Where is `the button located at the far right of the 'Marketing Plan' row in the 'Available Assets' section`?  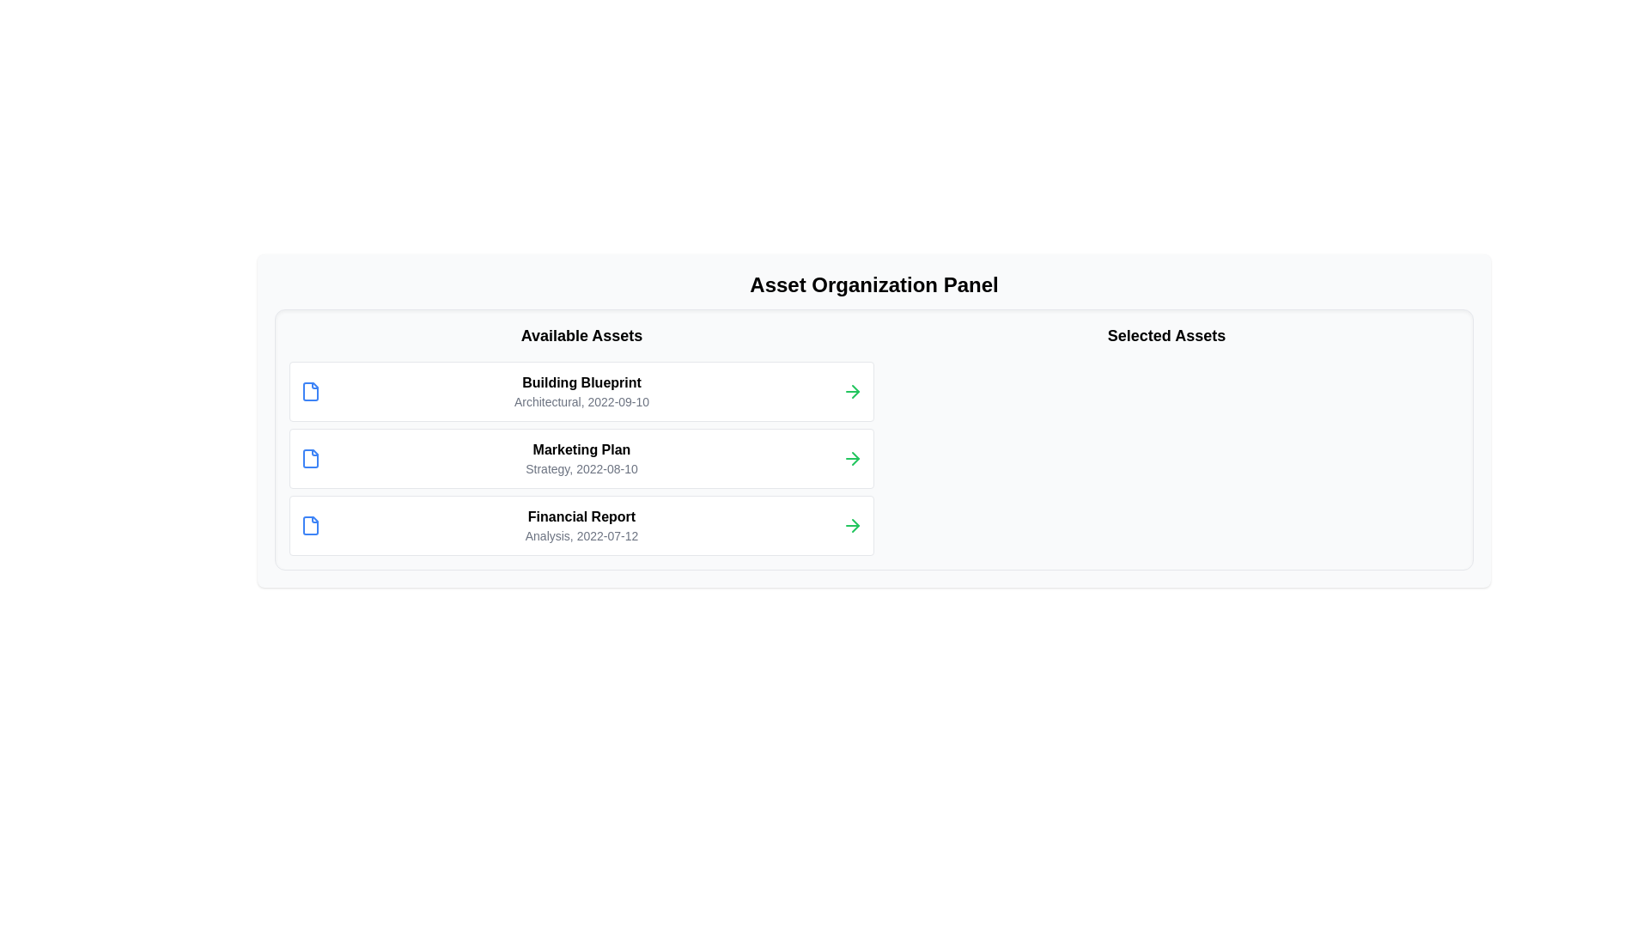 the button located at the far right of the 'Marketing Plan' row in the 'Available Assets' section is located at coordinates (853, 457).